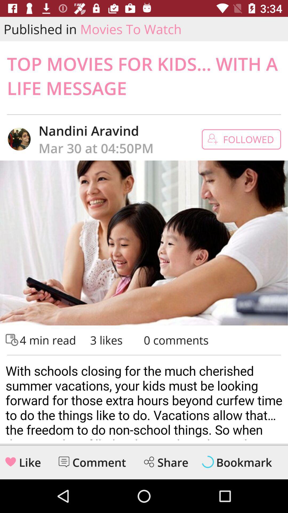 This screenshot has height=513, width=288. Describe the element at coordinates (63, 461) in the screenshot. I see `comment symbol` at that location.